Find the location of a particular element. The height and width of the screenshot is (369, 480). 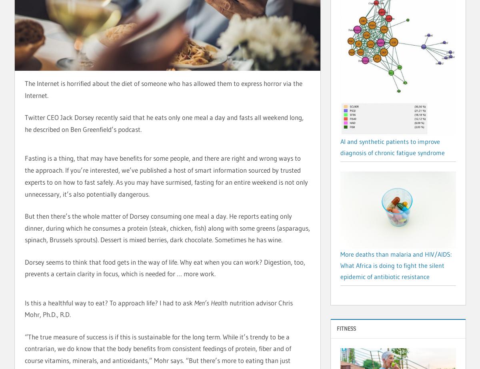

'Twitter CEO Jack Dorsey recently said that he eats only one meal a day and fasts all weekend long, he described on Ben Greenfield’s podcast.' is located at coordinates (164, 123).